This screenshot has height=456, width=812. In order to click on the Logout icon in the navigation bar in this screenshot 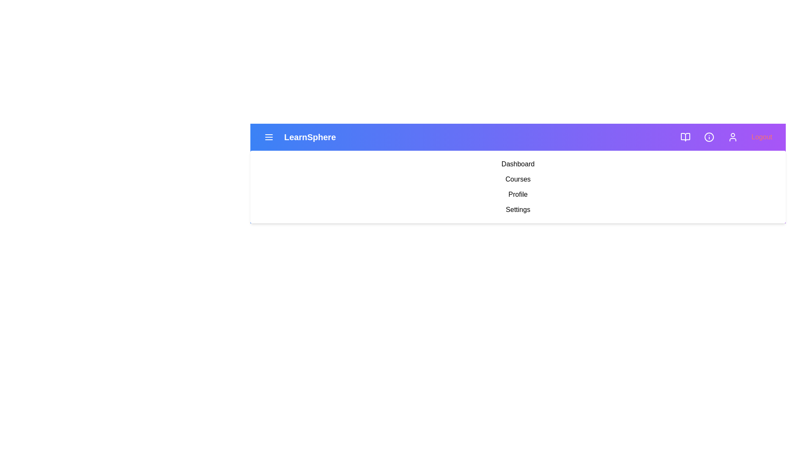, I will do `click(761, 136)`.